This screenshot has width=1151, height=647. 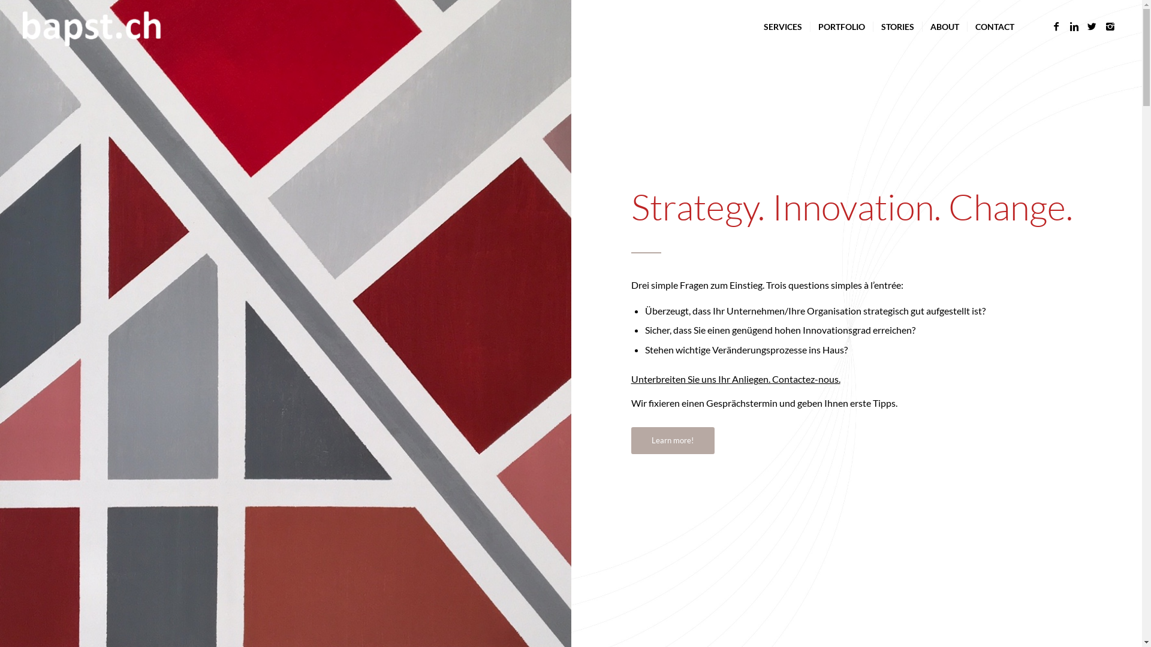 I want to click on 'STORIES', so click(x=872, y=27).